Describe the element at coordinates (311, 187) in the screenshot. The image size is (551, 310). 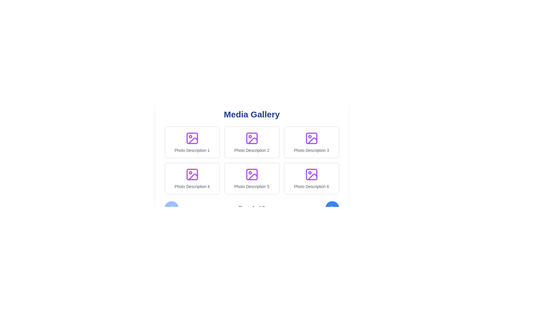
I see `the text label displaying 'Photo Description 6', which is located at the bottom center of the last card in the Media Gallery interface` at that location.